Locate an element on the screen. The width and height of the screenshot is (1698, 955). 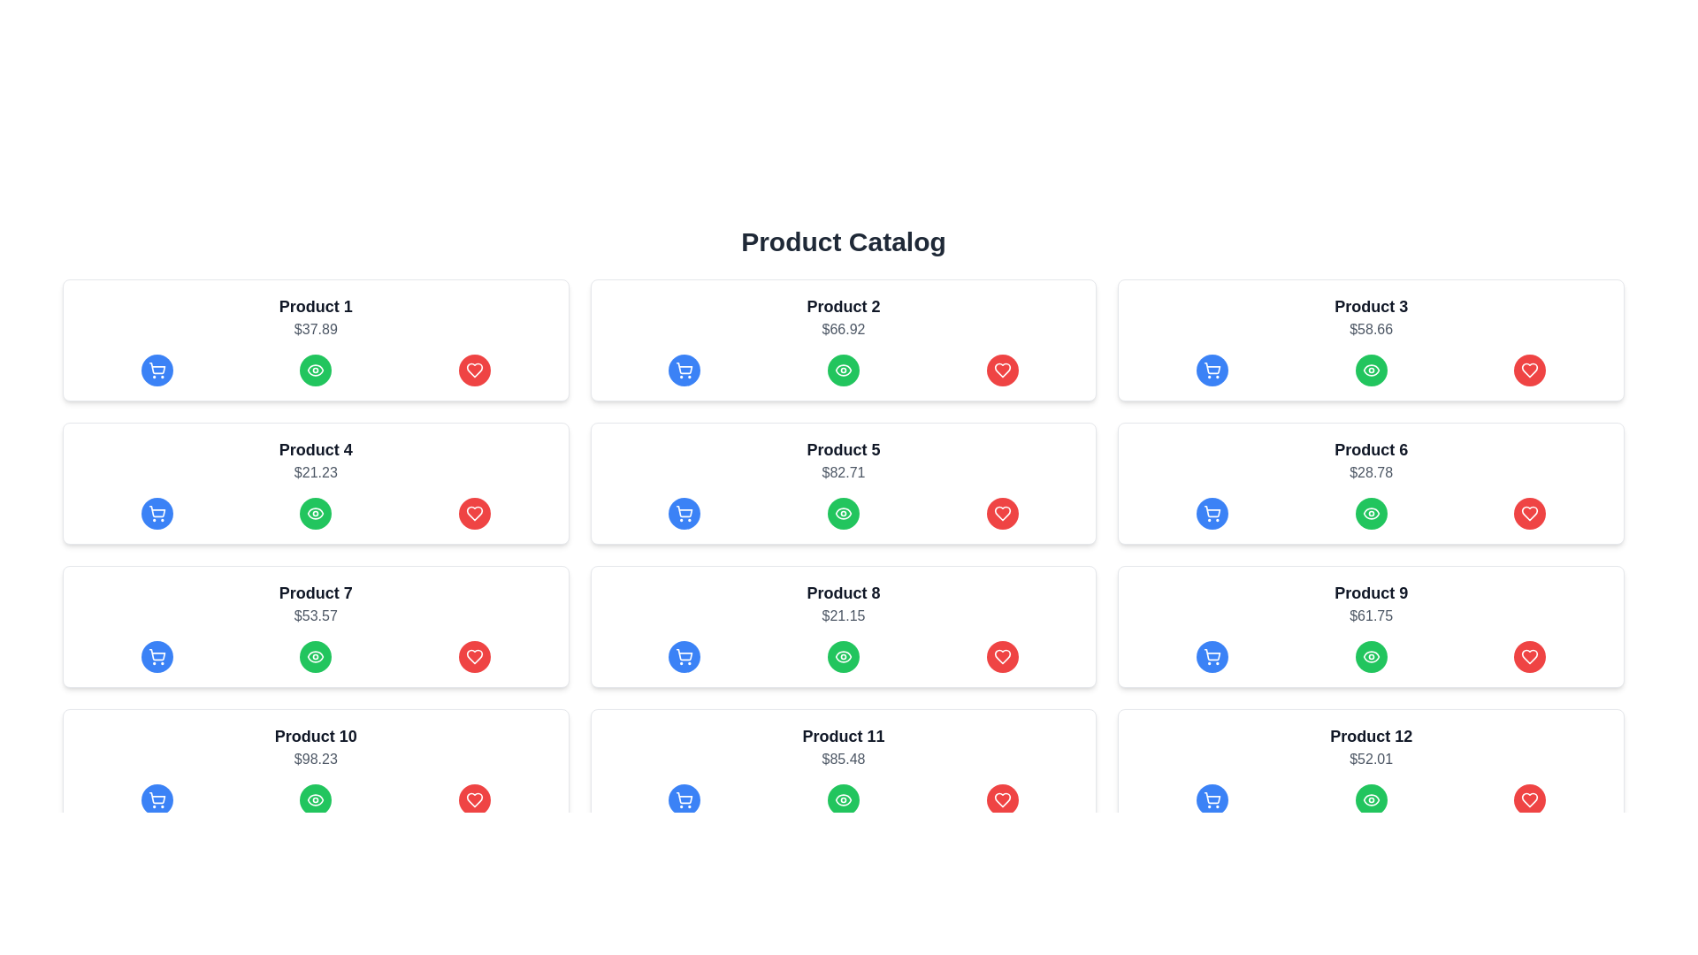
the middle circular green button with a white eye icon located below 'Product 6' priced at '$28.78' is located at coordinates (1370, 514).